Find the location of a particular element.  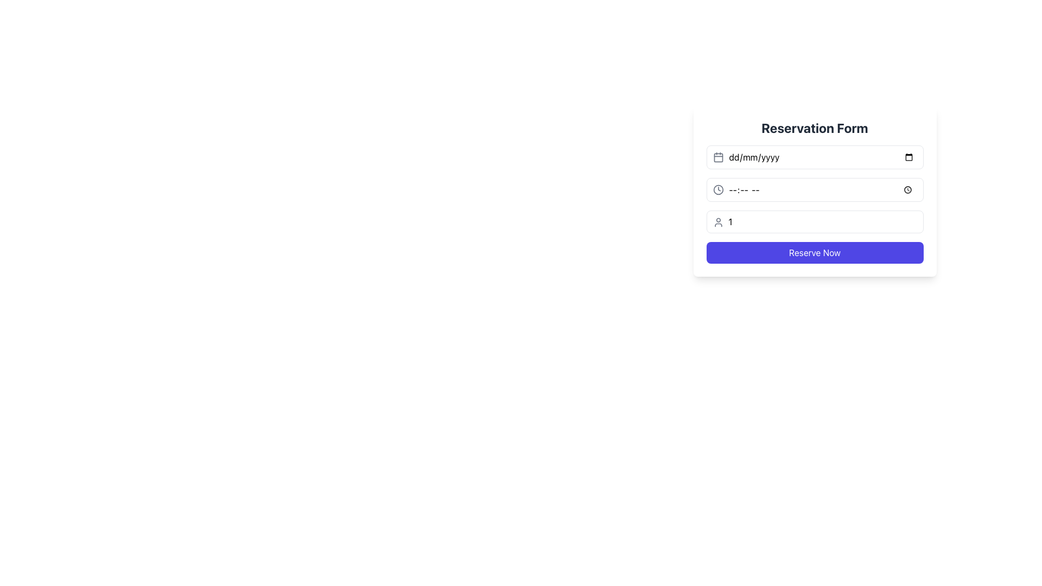

the time field within the composite input form element located in the middle upper area of the 'Reservation Form' is located at coordinates (815, 205).